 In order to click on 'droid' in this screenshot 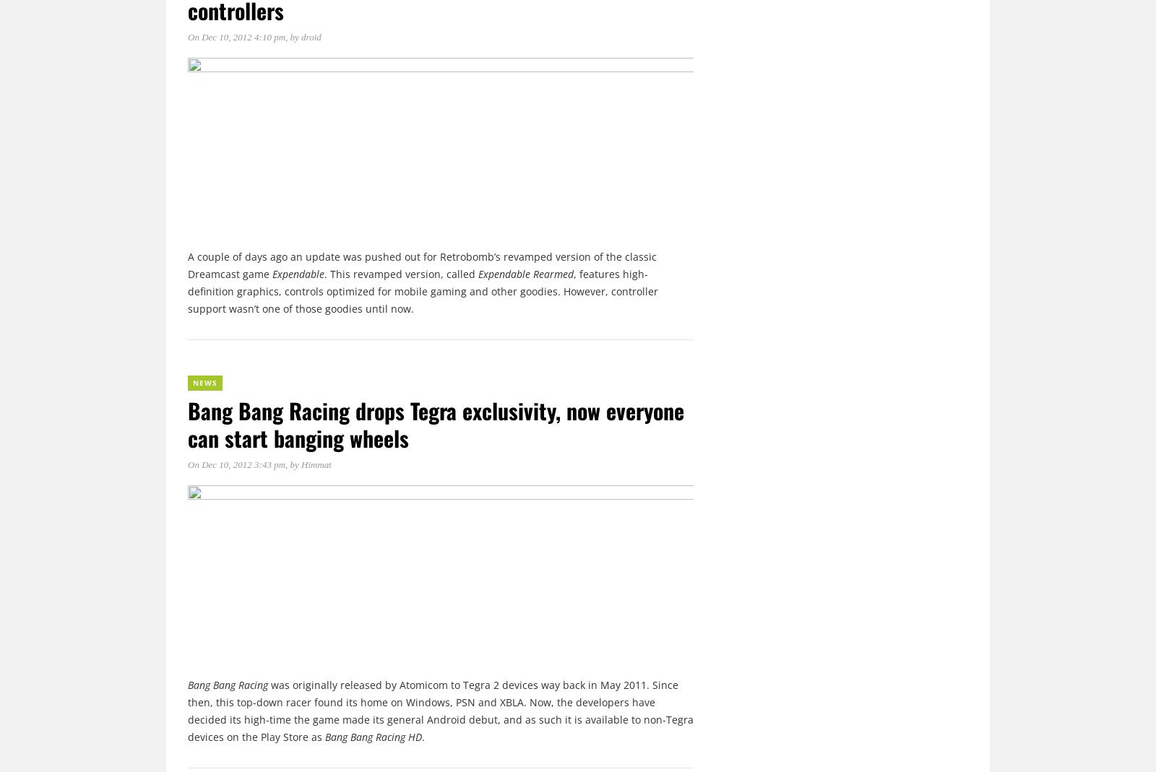, I will do `click(310, 36)`.